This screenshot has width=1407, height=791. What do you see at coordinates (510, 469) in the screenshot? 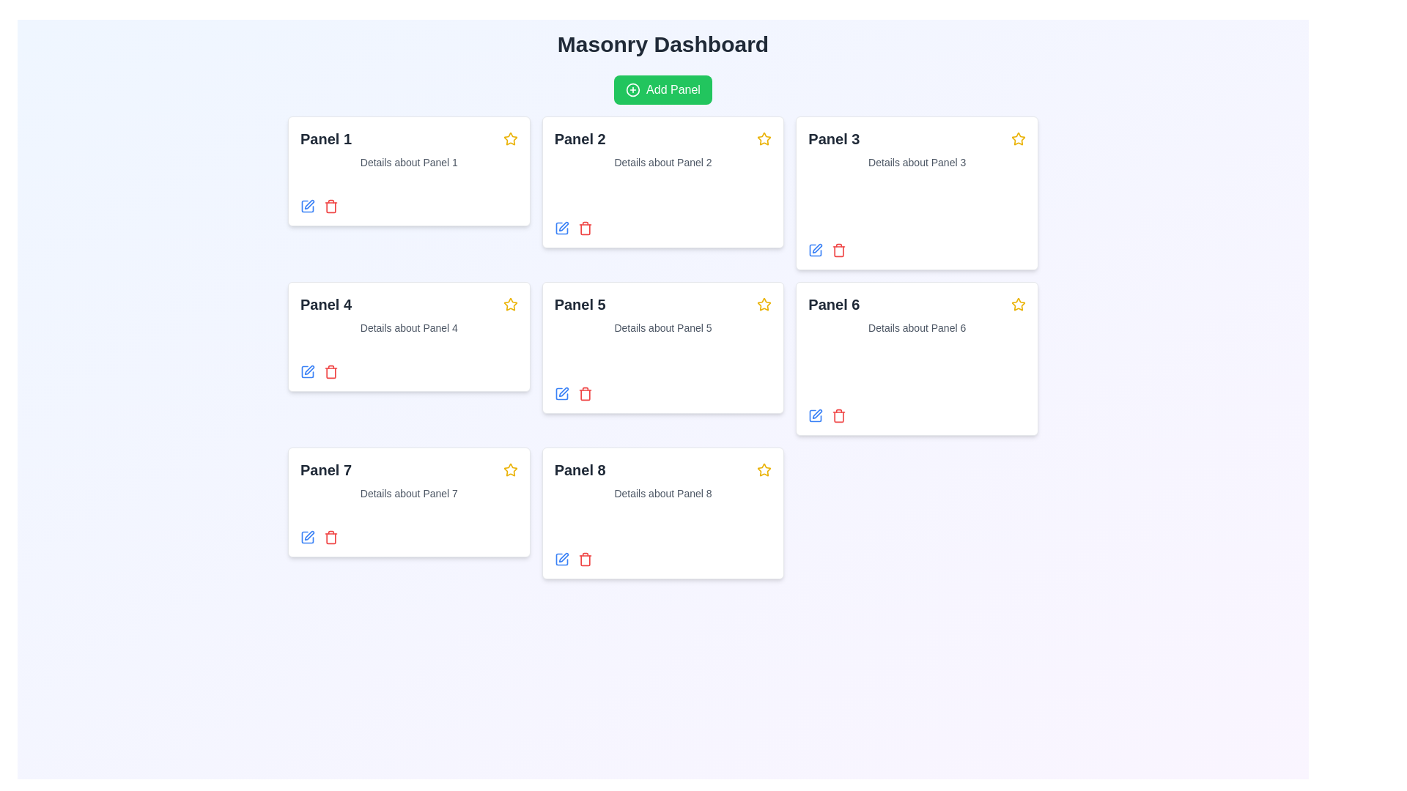
I see `the star icon in the top-right corner of 'Panel 7'` at bounding box center [510, 469].